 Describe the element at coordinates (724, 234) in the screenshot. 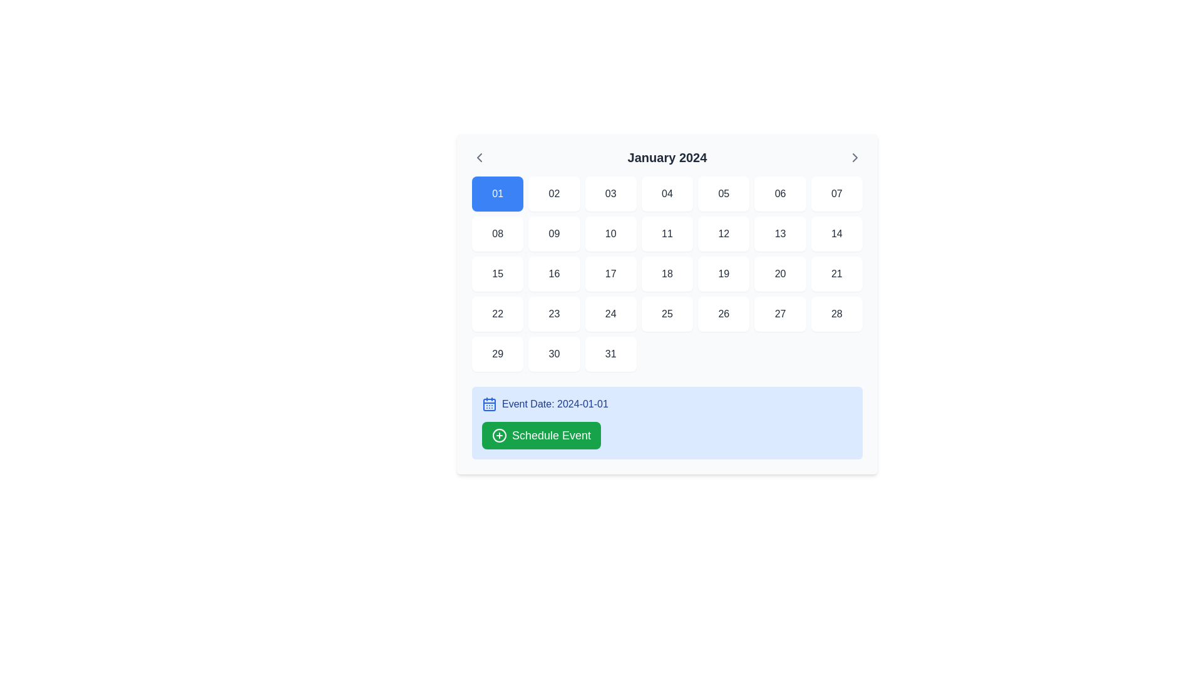

I see `the rectangular button labeled '12' with gray text on a white background, located in the second row and fifth column of the grid in the January 2024 calendar` at that location.